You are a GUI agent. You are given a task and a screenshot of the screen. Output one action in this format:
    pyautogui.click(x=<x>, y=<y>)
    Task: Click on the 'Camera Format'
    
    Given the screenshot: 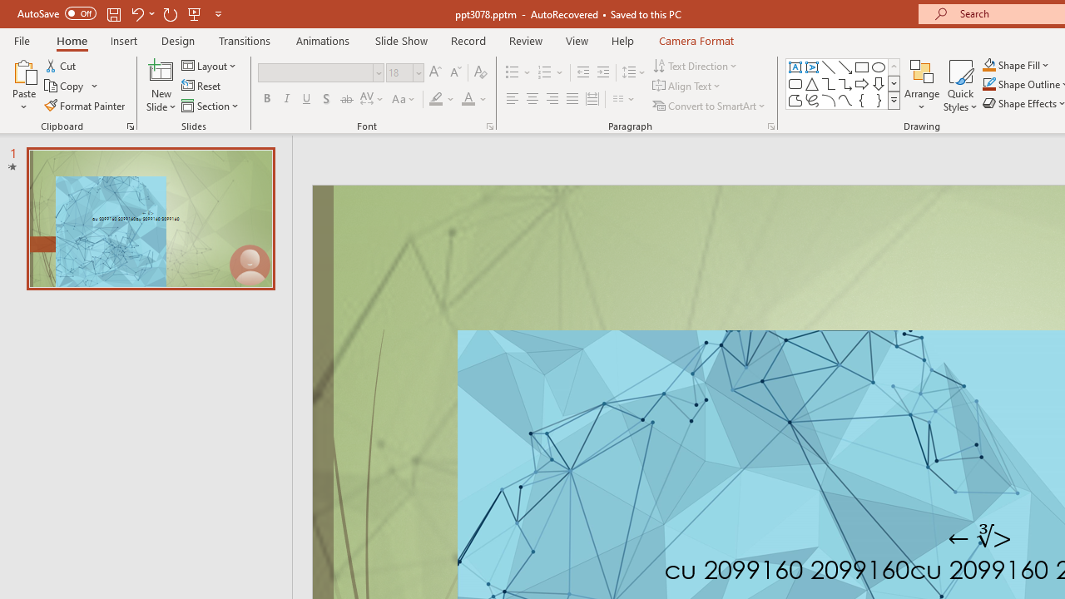 What is the action you would take?
    pyautogui.click(x=696, y=40)
    